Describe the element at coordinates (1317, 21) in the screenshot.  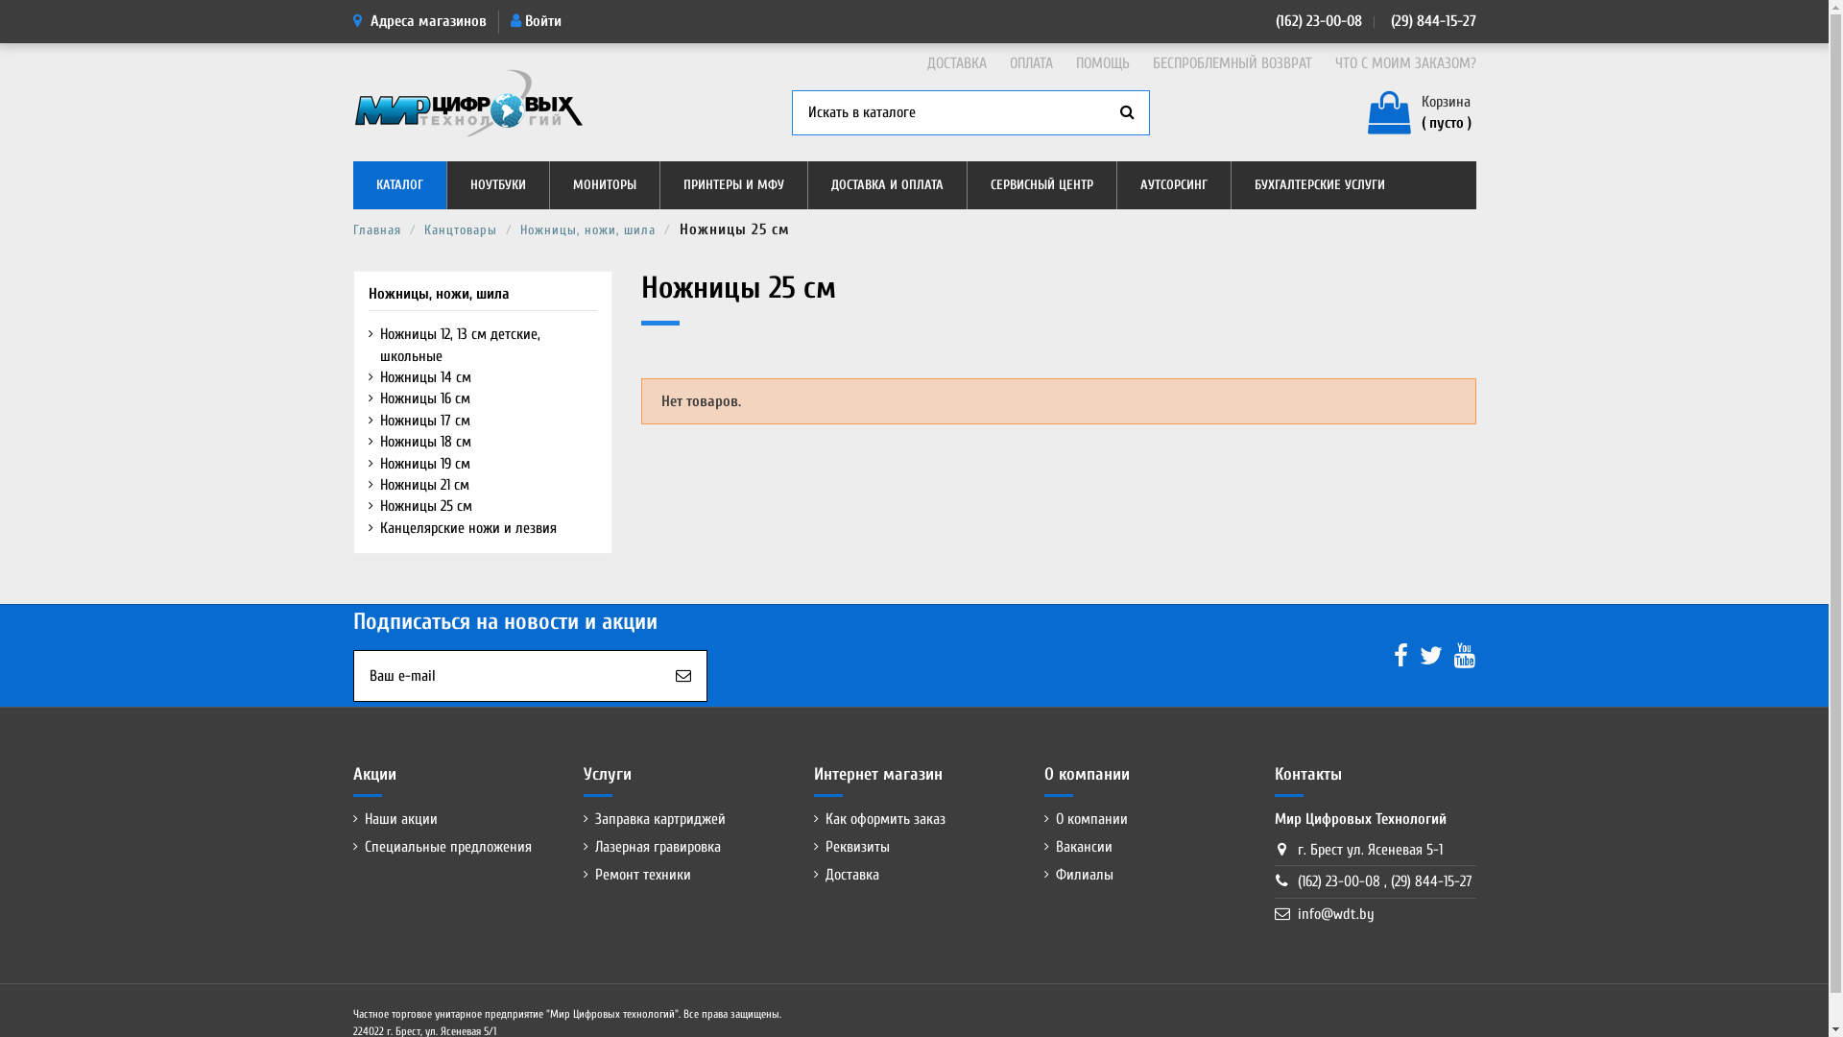
I see `'(162) 23-00-08'` at that location.